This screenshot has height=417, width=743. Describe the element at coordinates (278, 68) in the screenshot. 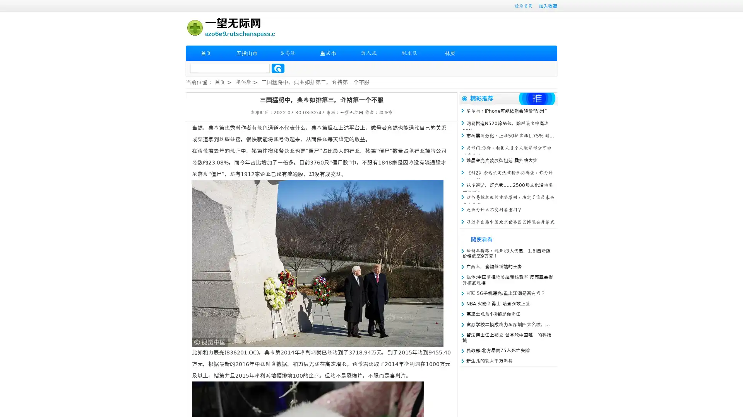

I see `Search` at that location.